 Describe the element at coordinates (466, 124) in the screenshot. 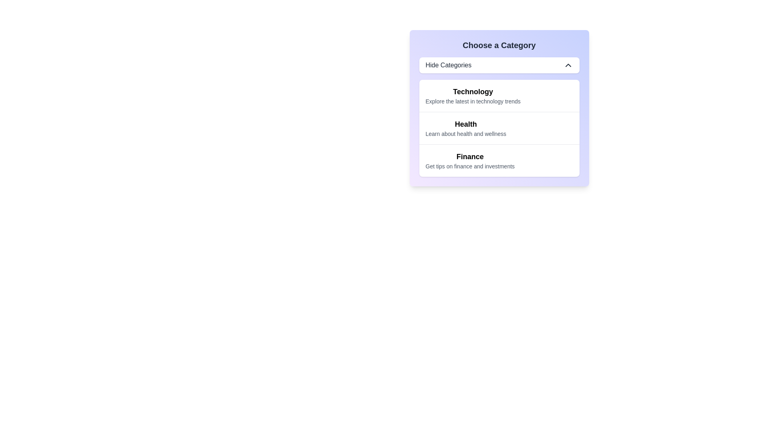

I see `bold label with the text 'Health' that is centered within the category selection dropdown and positioned above the descriptive text 'Learn about health and wellness'` at that location.